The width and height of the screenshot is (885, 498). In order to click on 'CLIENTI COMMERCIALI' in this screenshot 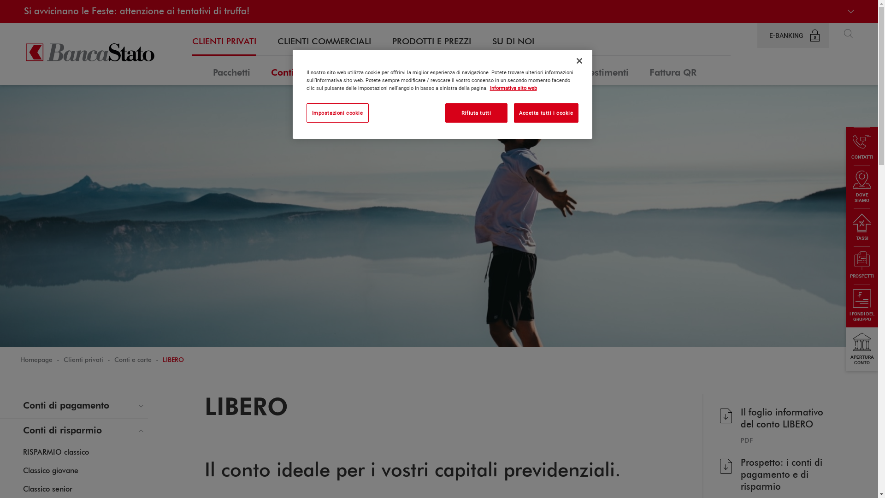, I will do `click(324, 42)`.